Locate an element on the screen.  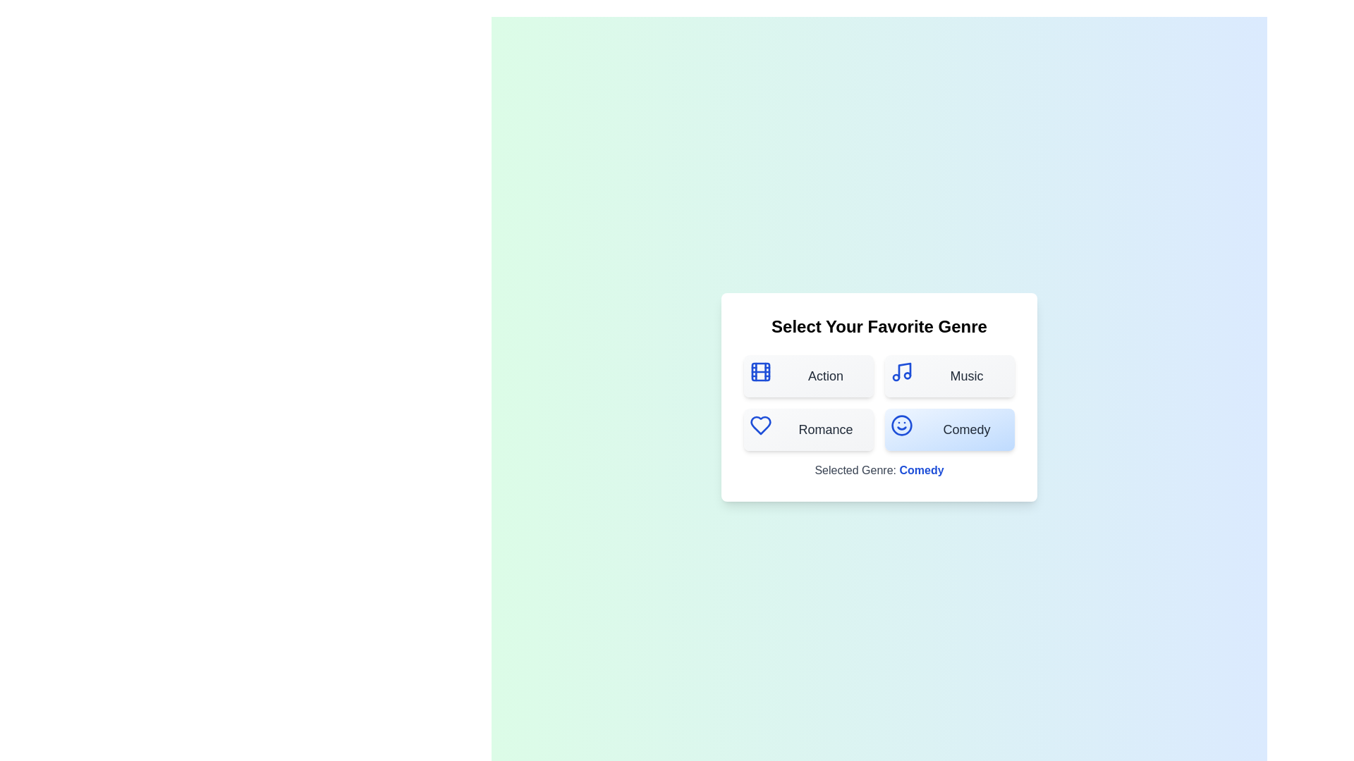
the 'Romance' button is located at coordinates (809, 428).